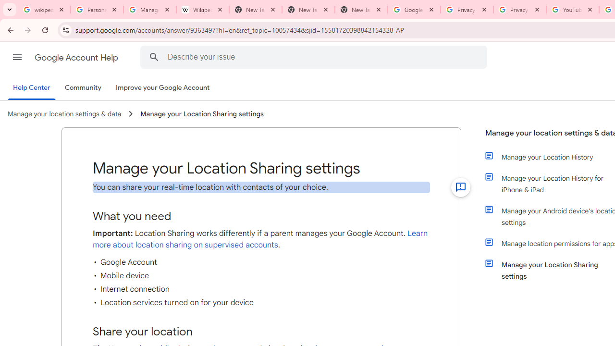 The width and height of the screenshot is (615, 346). What do you see at coordinates (414, 10) in the screenshot?
I see `'Google Drive: Sign-in'` at bounding box center [414, 10].